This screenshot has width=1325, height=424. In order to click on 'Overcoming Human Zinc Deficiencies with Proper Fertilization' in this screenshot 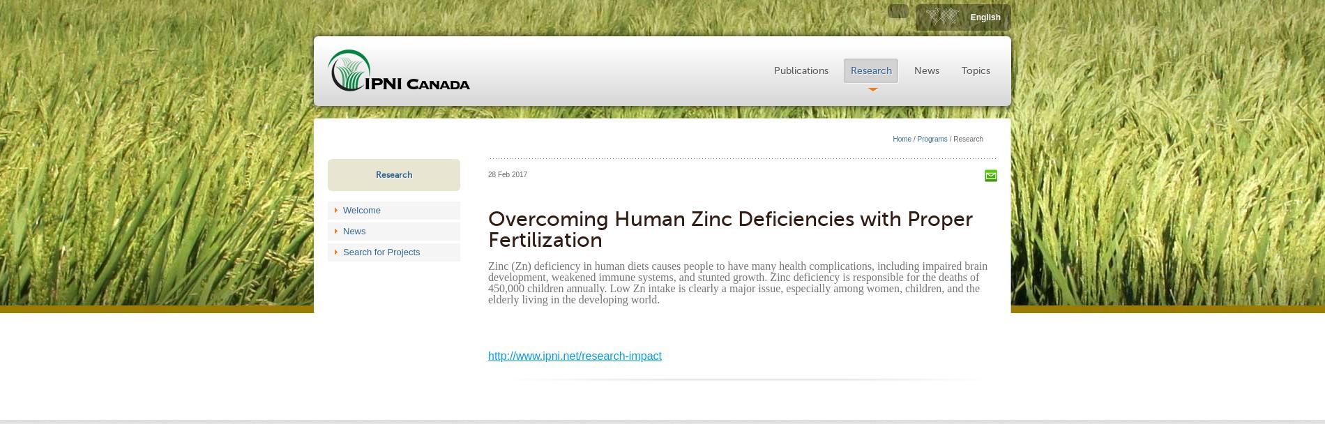, I will do `click(487, 229)`.